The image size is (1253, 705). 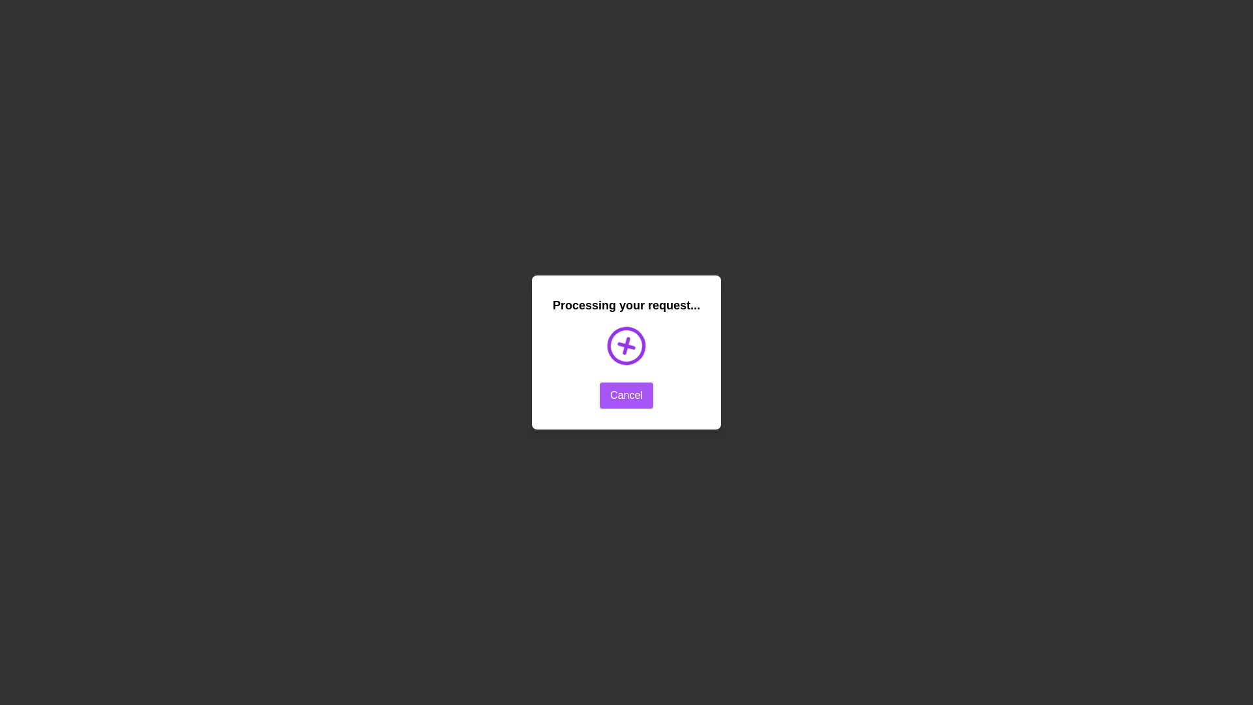 What do you see at coordinates (626, 305) in the screenshot?
I see `the Text label that indicates the request is being processed, located at the top of the white, rounded-corner dialog box` at bounding box center [626, 305].